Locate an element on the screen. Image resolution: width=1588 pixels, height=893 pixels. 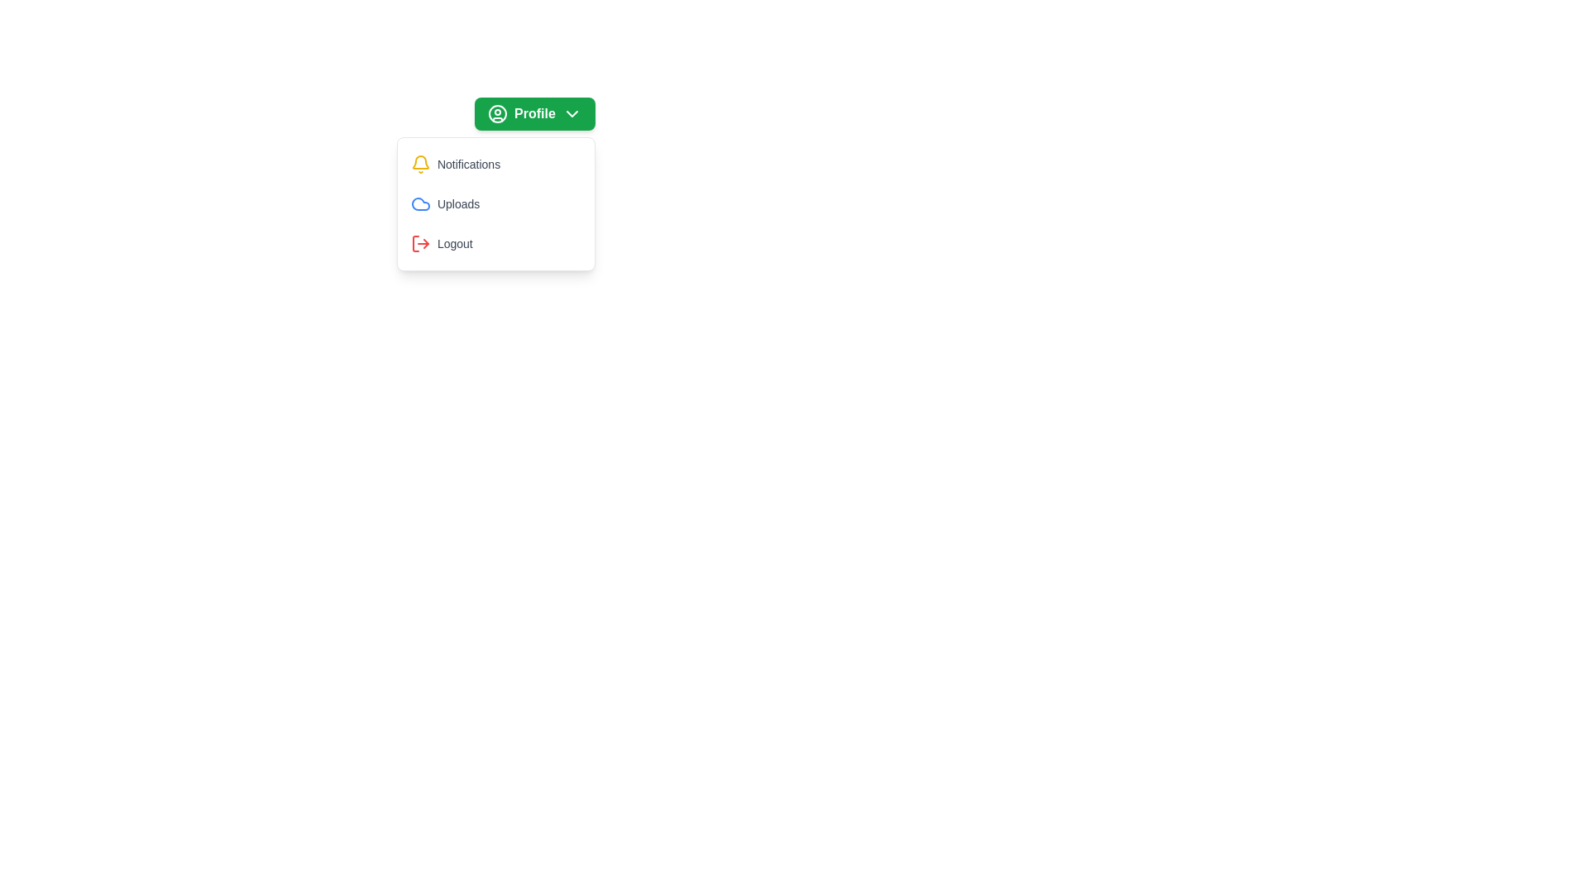
the 'Logout' option in the menu is located at coordinates (495, 243).